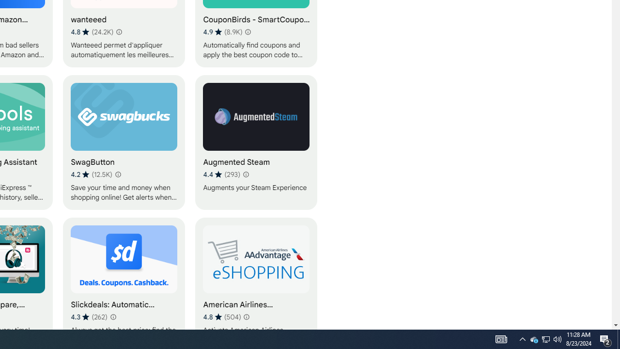 Image resolution: width=620 pixels, height=349 pixels. What do you see at coordinates (89, 317) in the screenshot?
I see `'Average rating 4.3 out of 5 stars. 262 ratings.'` at bounding box center [89, 317].